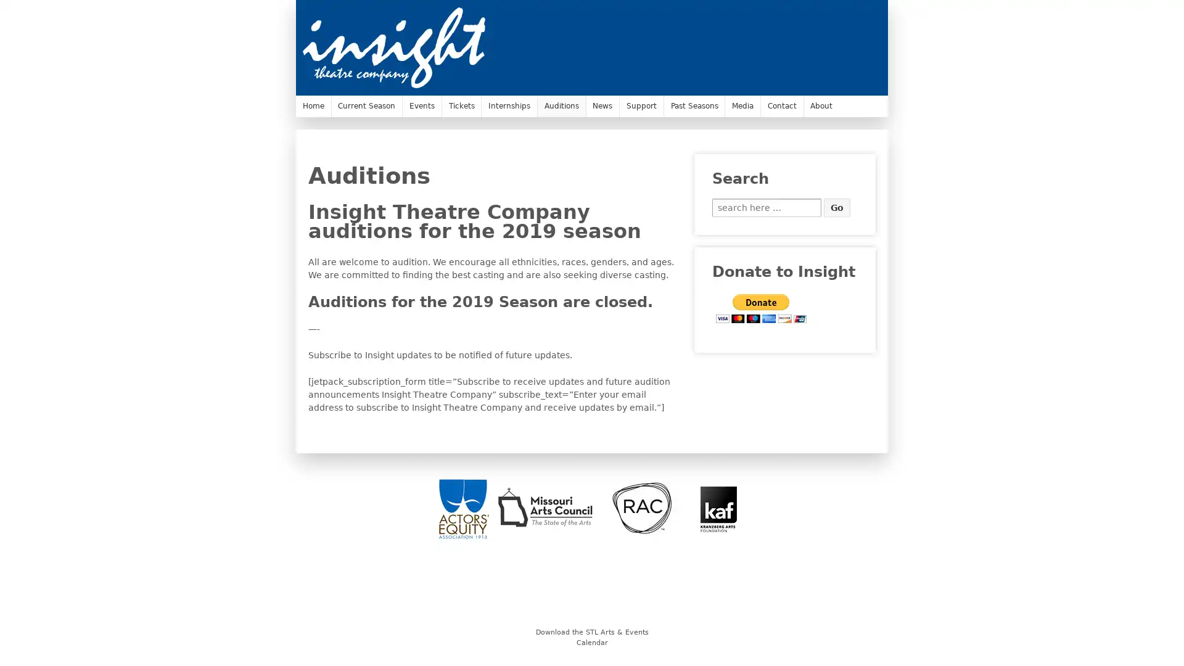 This screenshot has width=1184, height=666. What do you see at coordinates (837, 207) in the screenshot?
I see `Go` at bounding box center [837, 207].